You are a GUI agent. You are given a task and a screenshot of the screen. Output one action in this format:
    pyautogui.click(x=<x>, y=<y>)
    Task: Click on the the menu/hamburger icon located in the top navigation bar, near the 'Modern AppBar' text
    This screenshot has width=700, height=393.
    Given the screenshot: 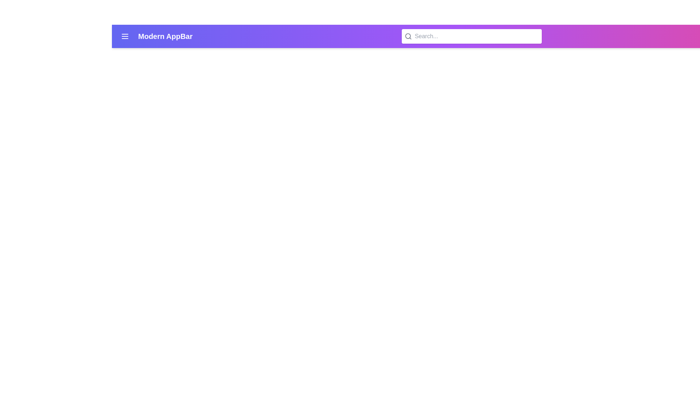 What is the action you would take?
    pyautogui.click(x=125, y=36)
    